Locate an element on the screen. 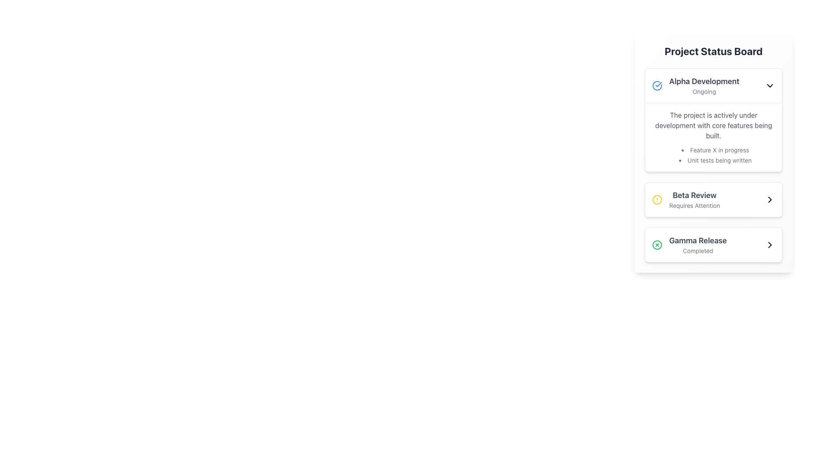  the 'Completed' label that is styled in muted gray, located underneath the 'Gamma Release' text within the 'Project Status Board' is located at coordinates (698, 250).